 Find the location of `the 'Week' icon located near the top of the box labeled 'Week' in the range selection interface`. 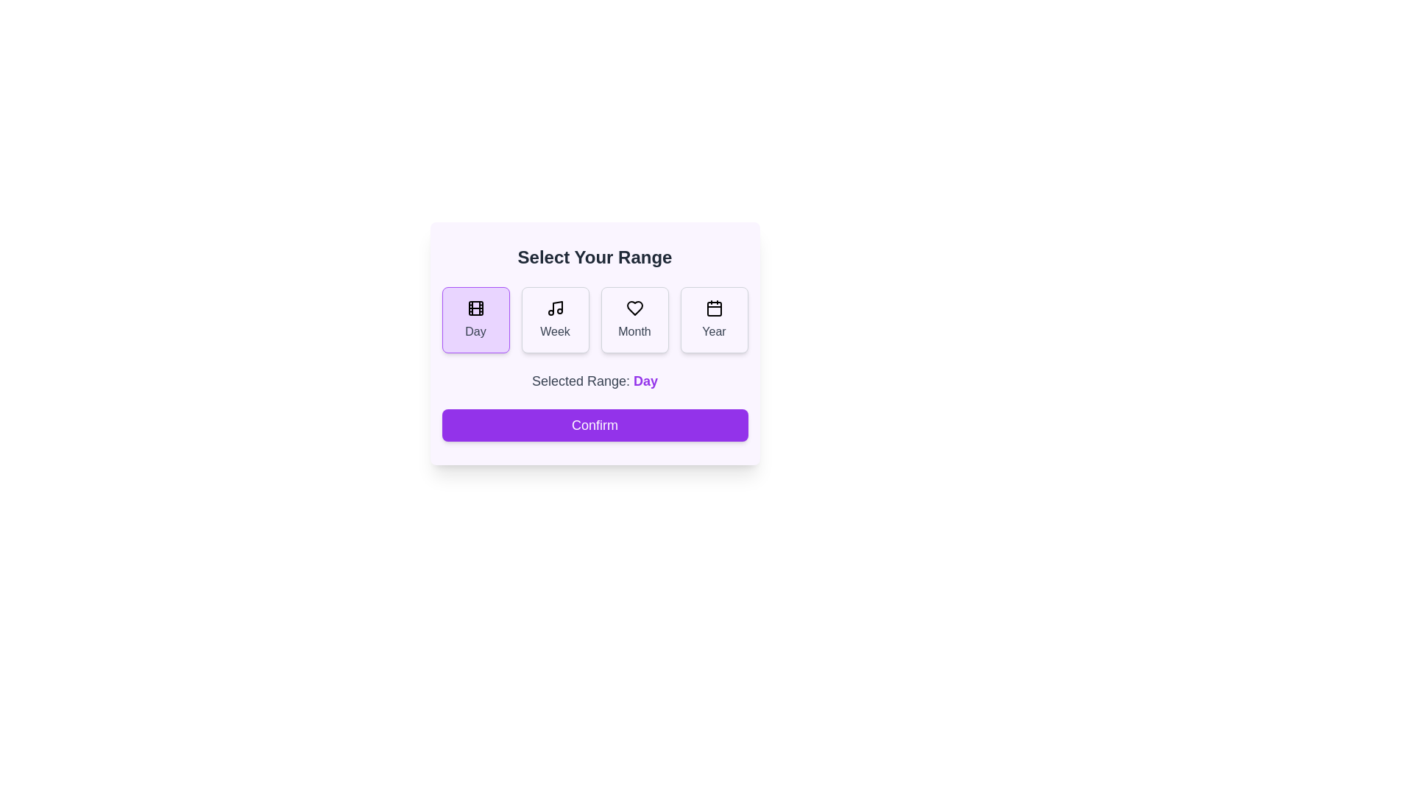

the 'Week' icon located near the top of the box labeled 'Week' in the range selection interface is located at coordinates (554, 308).